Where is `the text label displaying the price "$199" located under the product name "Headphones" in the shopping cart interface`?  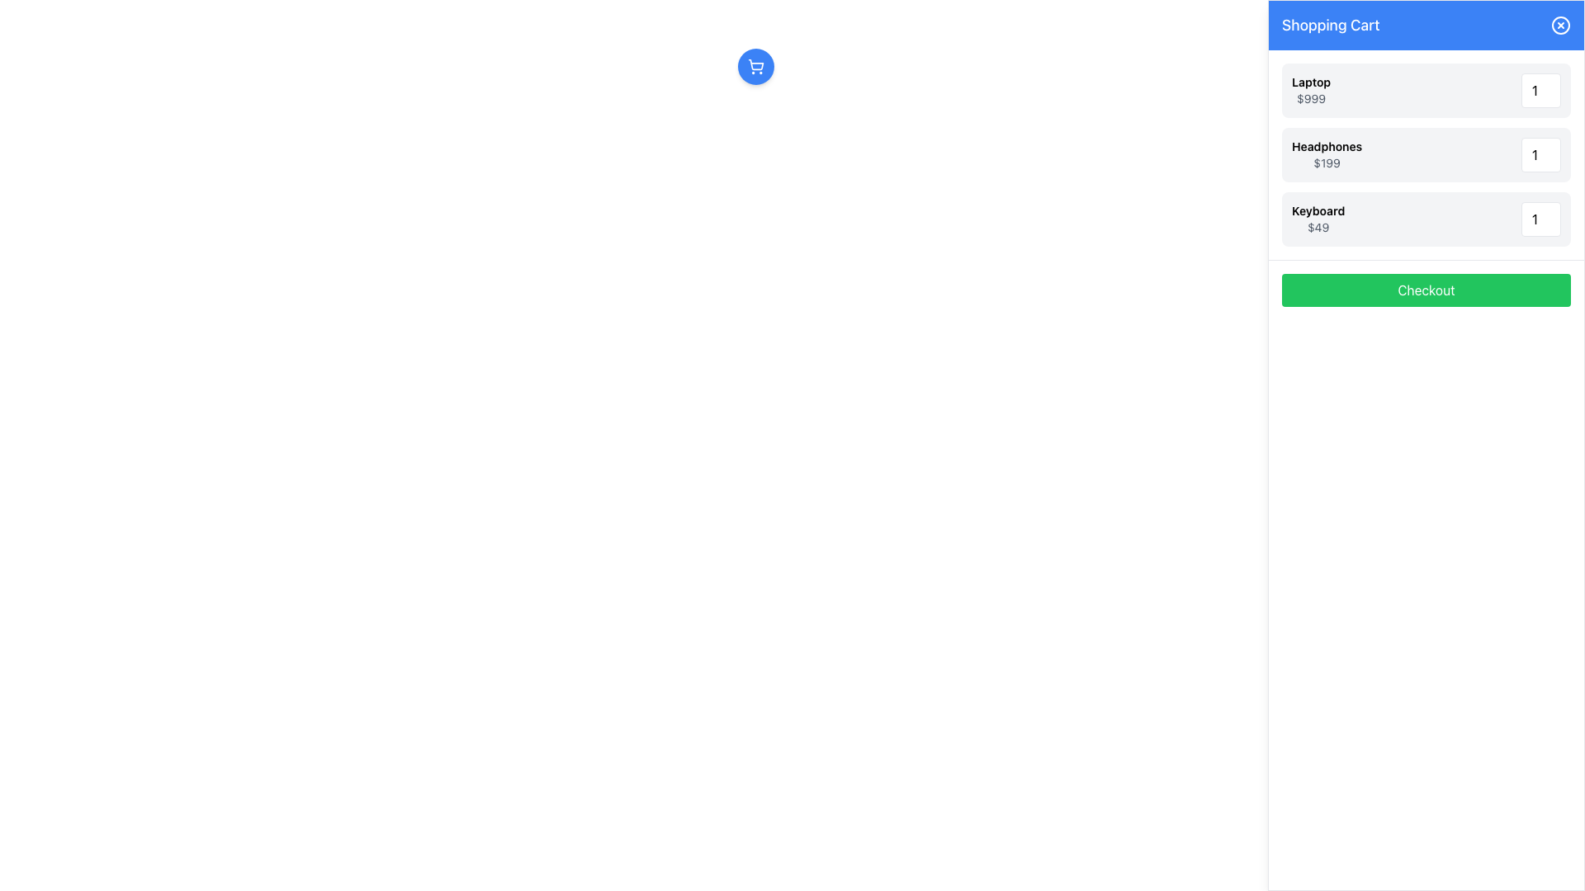 the text label displaying the price "$199" located under the product name "Headphones" in the shopping cart interface is located at coordinates (1327, 163).